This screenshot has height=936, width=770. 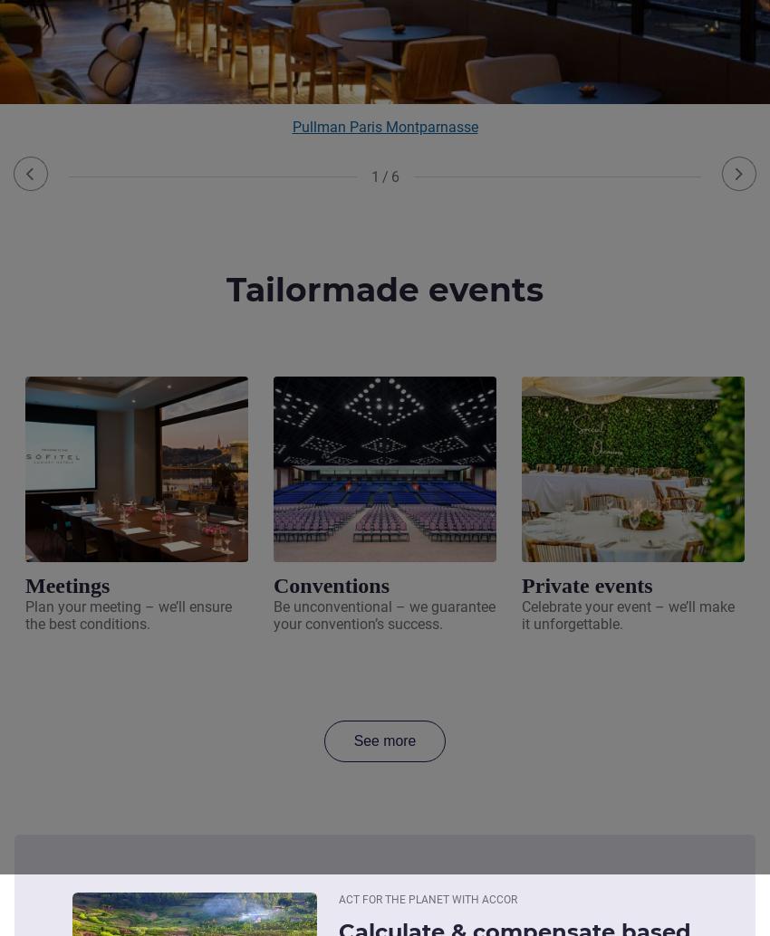 I want to click on 'Confirm my location and language', so click(x=384, y=63).